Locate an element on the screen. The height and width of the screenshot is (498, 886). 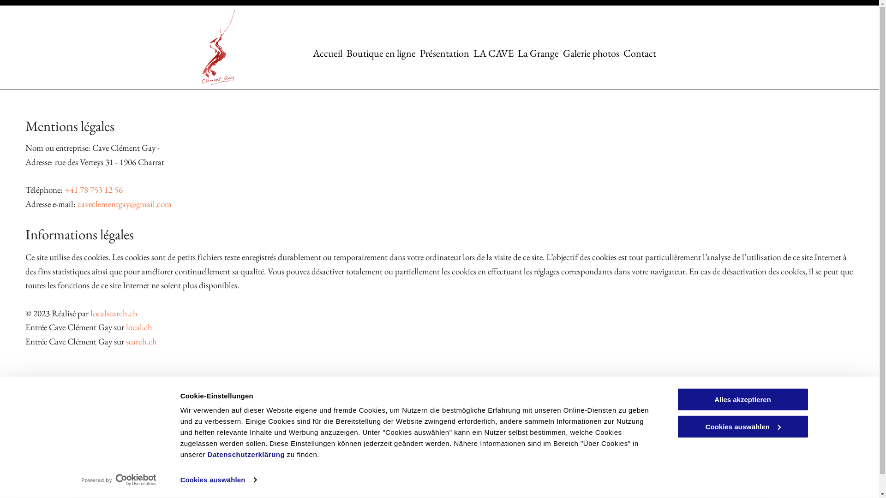
'Accueil' is located at coordinates (312, 53).